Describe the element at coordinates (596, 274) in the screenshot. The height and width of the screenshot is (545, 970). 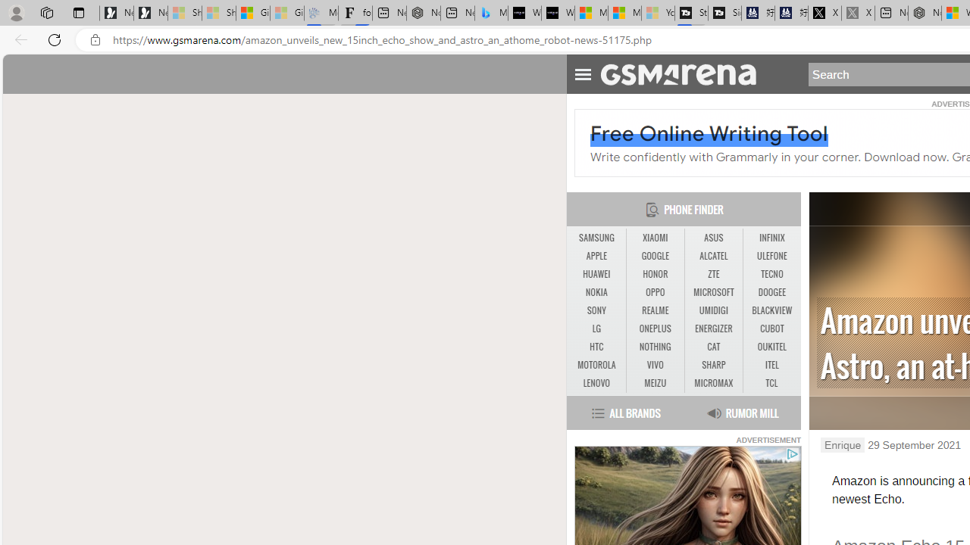
I see `'HUAWEI'` at that location.